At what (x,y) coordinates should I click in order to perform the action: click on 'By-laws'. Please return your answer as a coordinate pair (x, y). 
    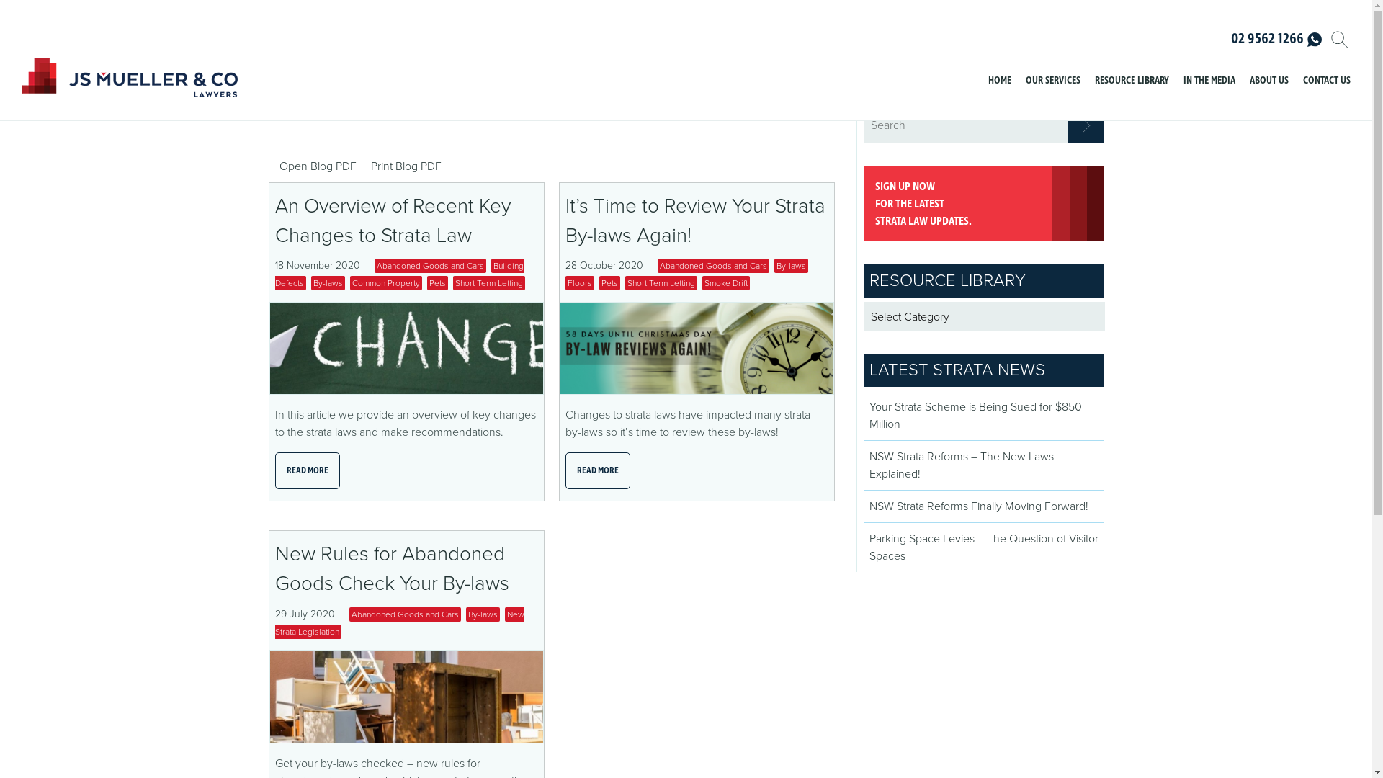
    Looking at the image, I should click on (482, 614).